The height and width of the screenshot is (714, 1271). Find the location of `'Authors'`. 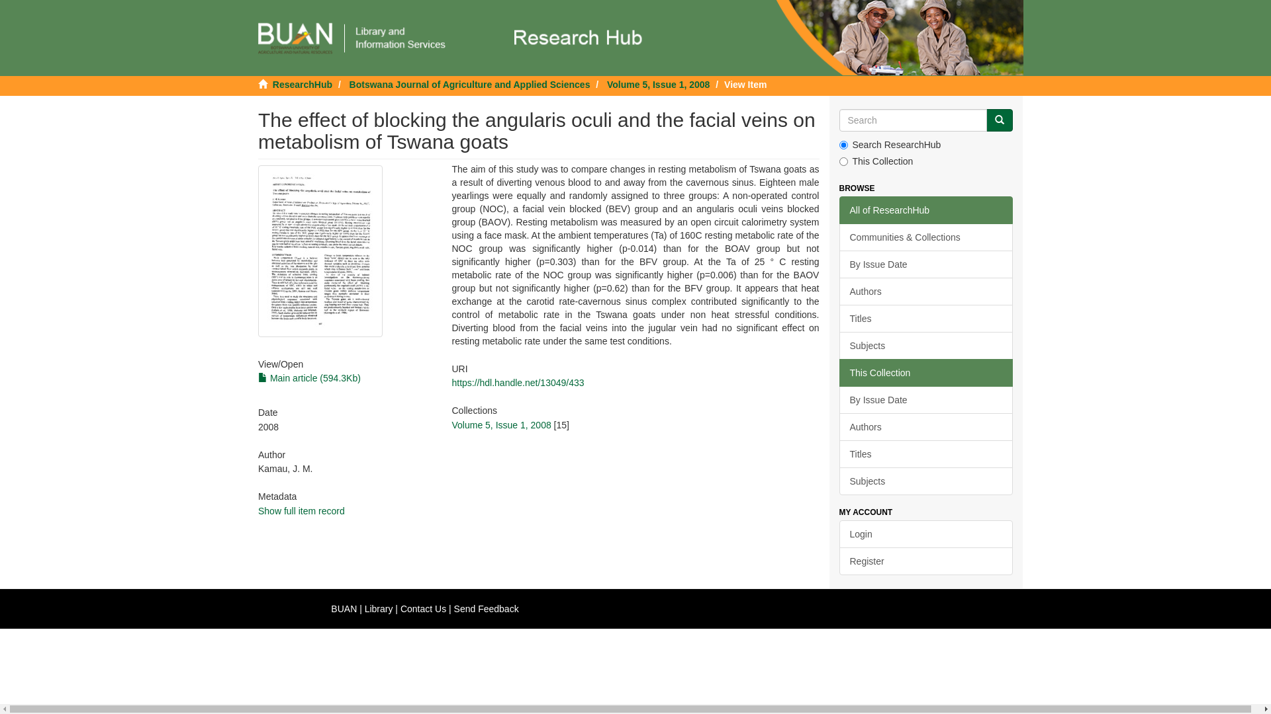

'Authors' is located at coordinates (925, 426).